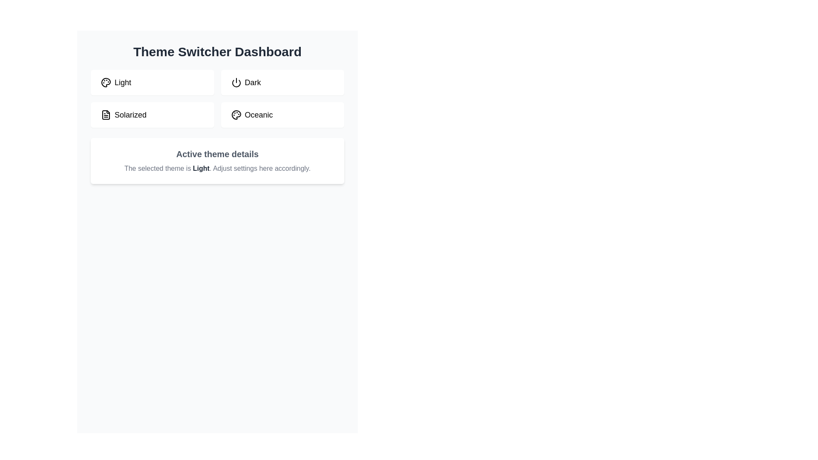  Describe the element at coordinates (106, 82) in the screenshot. I see `the paint palette icon located at the top-left corner of the 'Light' selection button, which is part of a 2x2 grid below the 'Theme Switcher Dashboard'` at that location.